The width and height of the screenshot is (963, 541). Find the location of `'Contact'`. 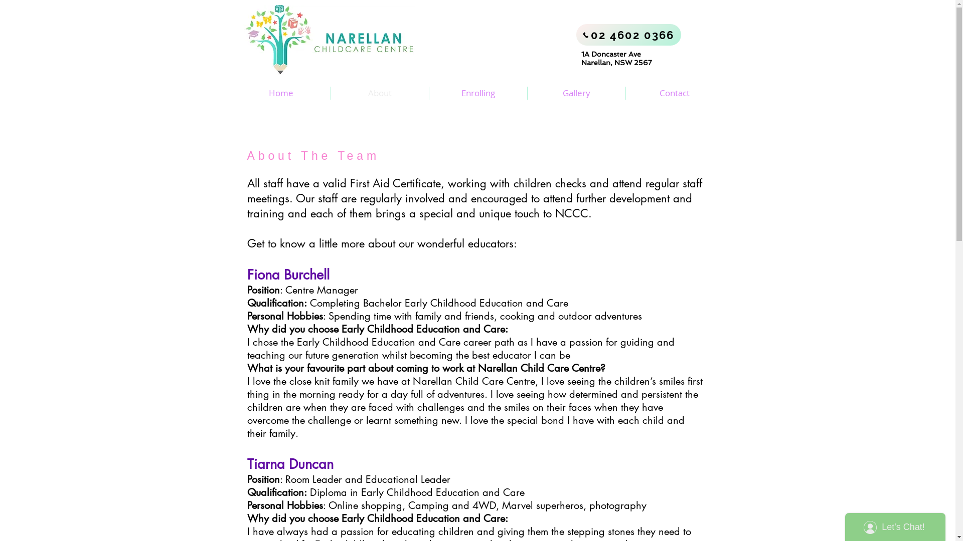

'Contact' is located at coordinates (675, 93).